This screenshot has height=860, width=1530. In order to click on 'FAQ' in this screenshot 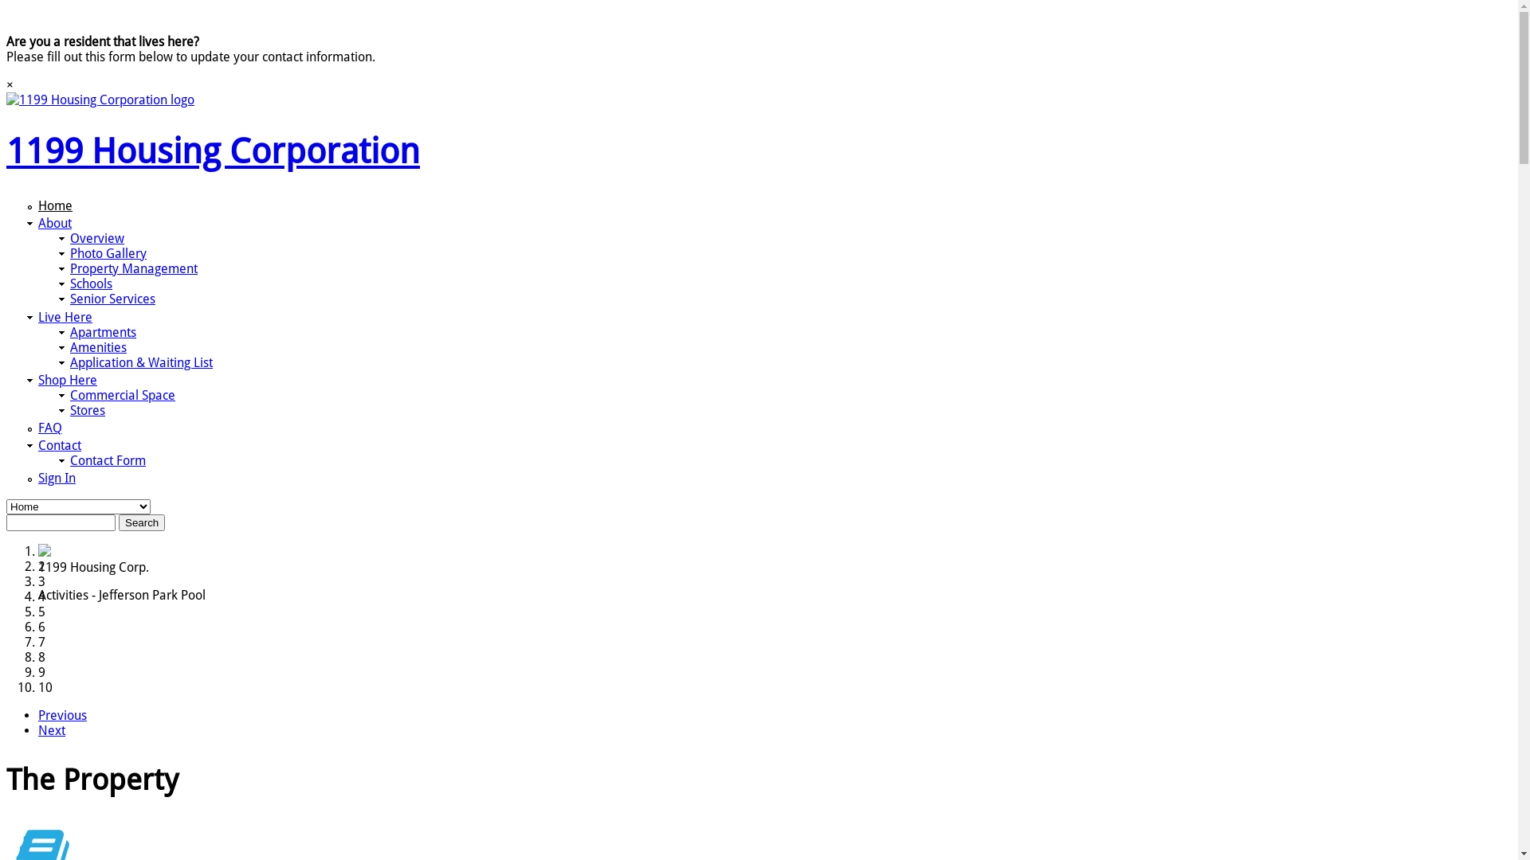, I will do `click(49, 427)`.